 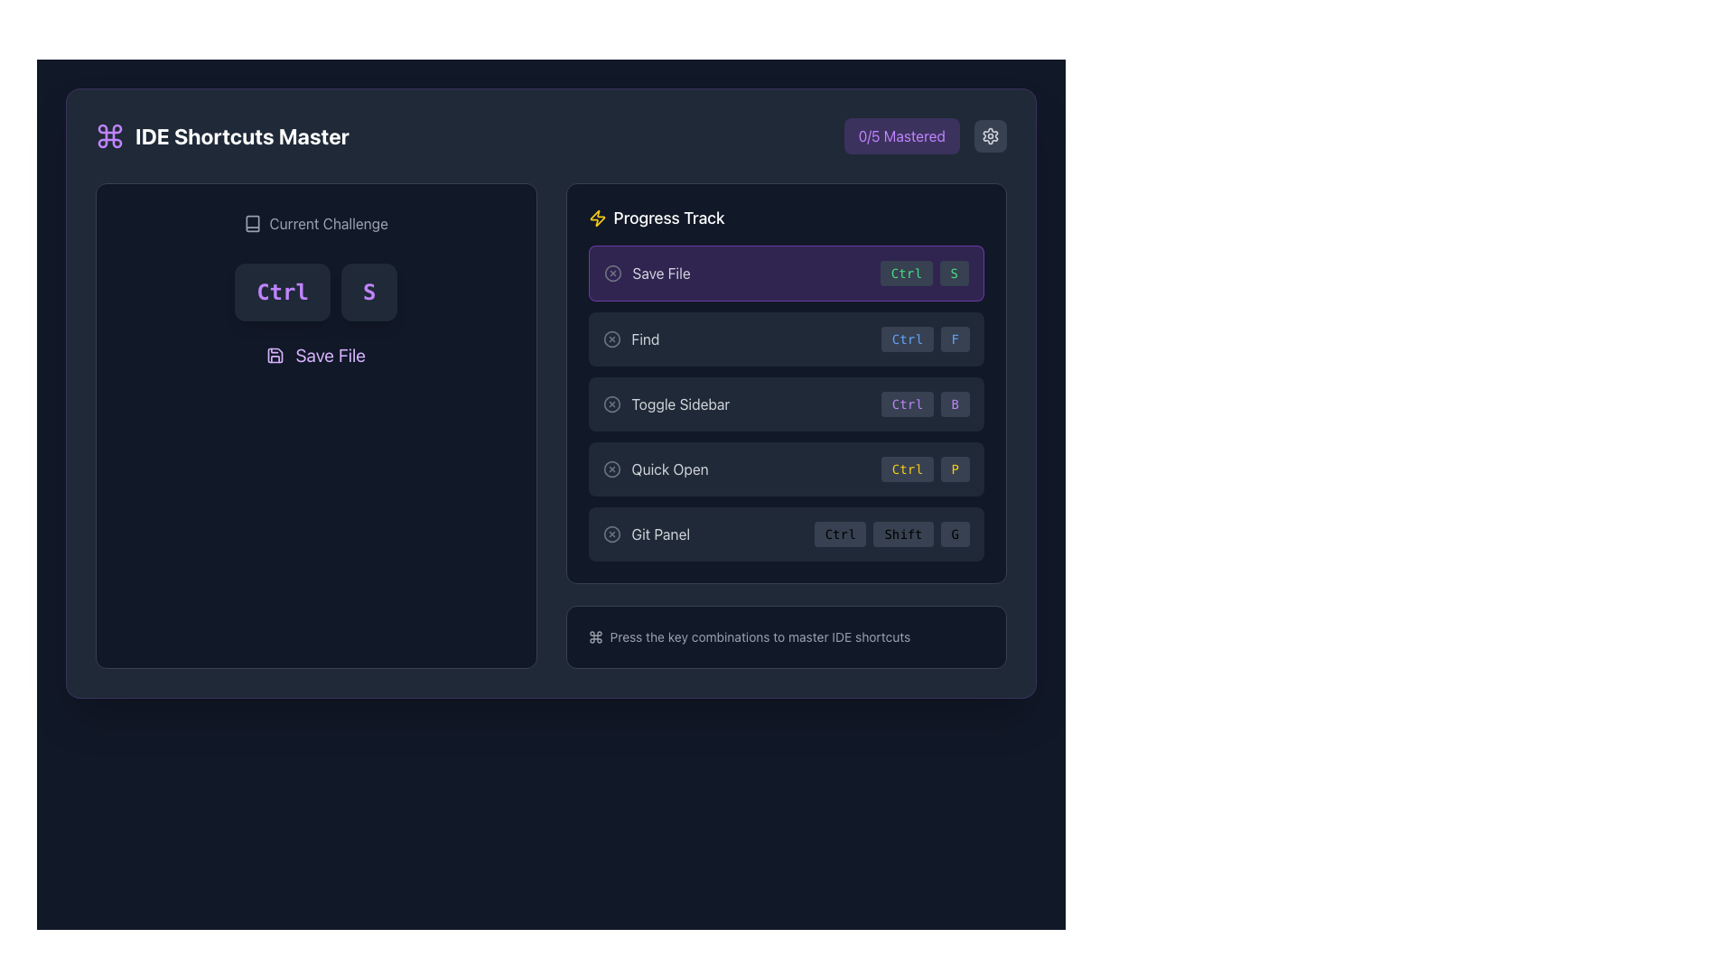 What do you see at coordinates (108, 135) in the screenshot?
I see `the purple graphic icon resembling a command or shortcut symbol located in the top-left corner of the header section, adjacent to the title 'IDE Shortcuts Master'` at bounding box center [108, 135].